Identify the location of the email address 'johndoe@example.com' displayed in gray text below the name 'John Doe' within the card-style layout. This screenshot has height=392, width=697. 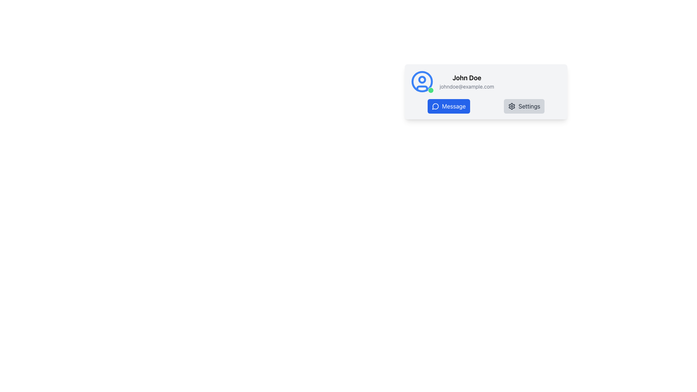
(467, 86).